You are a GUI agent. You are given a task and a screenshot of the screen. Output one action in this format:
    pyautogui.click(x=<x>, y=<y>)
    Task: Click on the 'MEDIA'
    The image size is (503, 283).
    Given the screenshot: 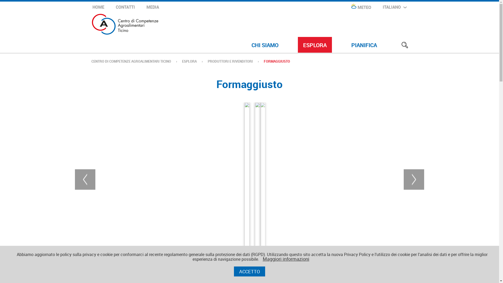 What is the action you would take?
    pyautogui.click(x=146, y=7)
    